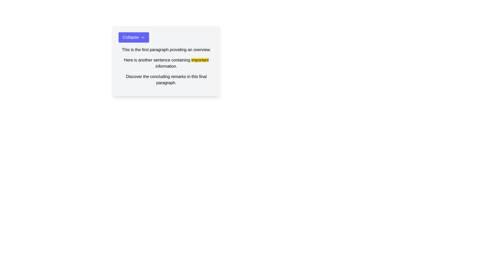  Describe the element at coordinates (131, 37) in the screenshot. I see `the text label that serves as the label for a button component designed to collapse an expanded section of information` at that location.